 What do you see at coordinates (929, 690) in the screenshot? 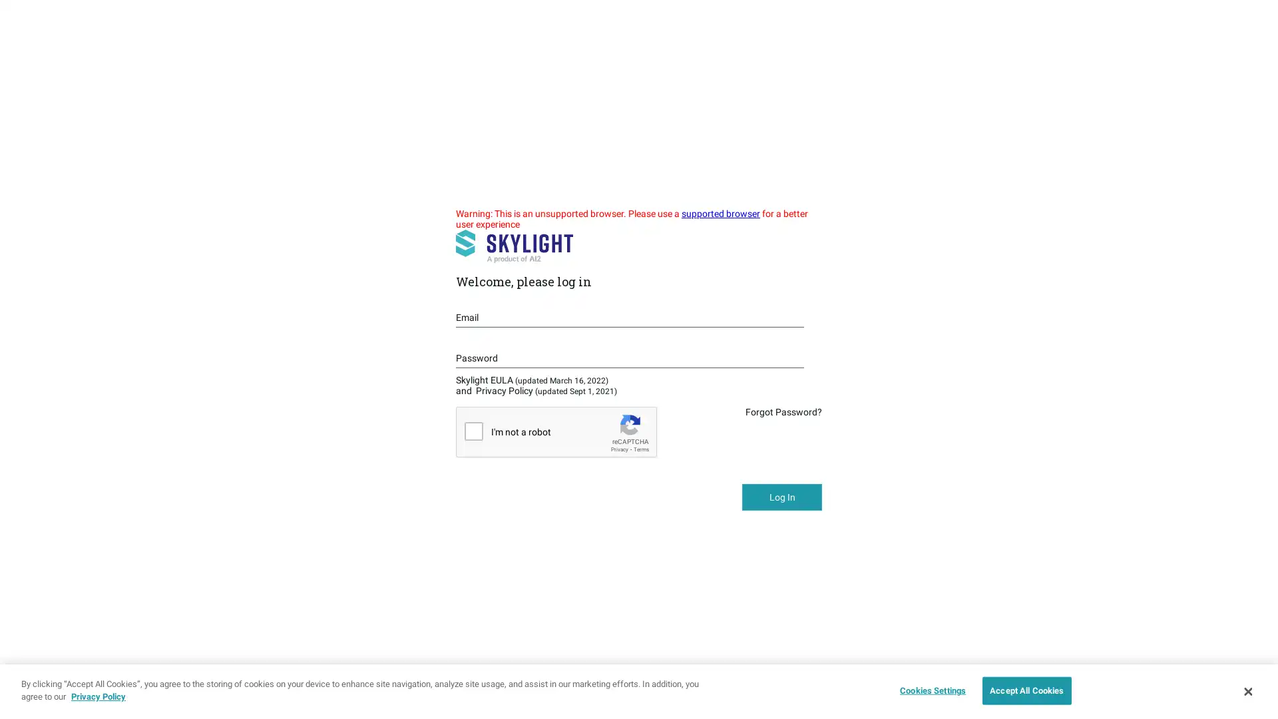
I see `Cookies Settings` at bounding box center [929, 690].